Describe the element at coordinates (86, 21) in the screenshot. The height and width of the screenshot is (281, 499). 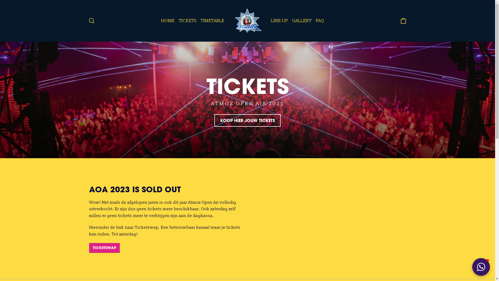
I see `'Search'` at that location.